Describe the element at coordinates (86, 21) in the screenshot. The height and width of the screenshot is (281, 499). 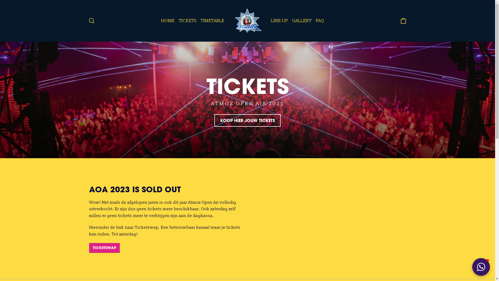
I see `'Search'` at that location.